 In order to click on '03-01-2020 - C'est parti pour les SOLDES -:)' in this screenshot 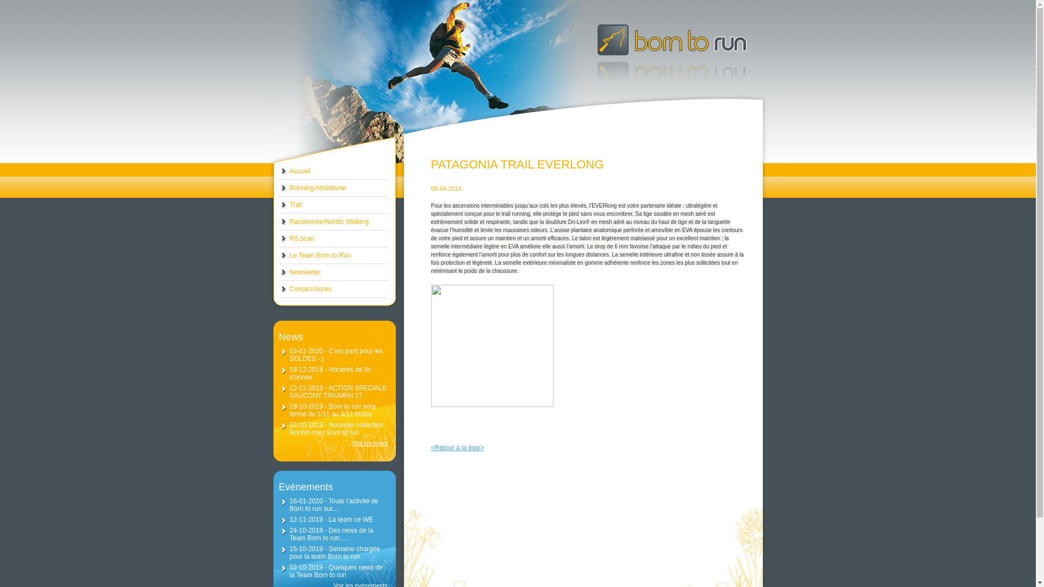, I will do `click(335, 354)`.